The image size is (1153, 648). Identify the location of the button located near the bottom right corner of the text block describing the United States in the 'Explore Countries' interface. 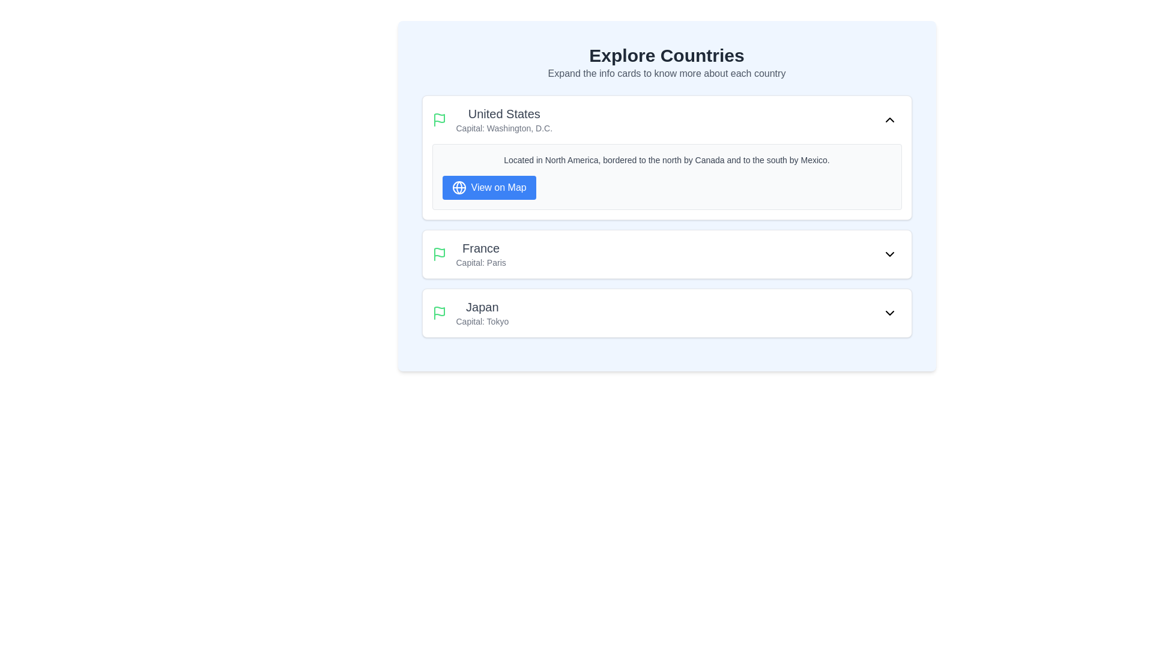
(489, 187).